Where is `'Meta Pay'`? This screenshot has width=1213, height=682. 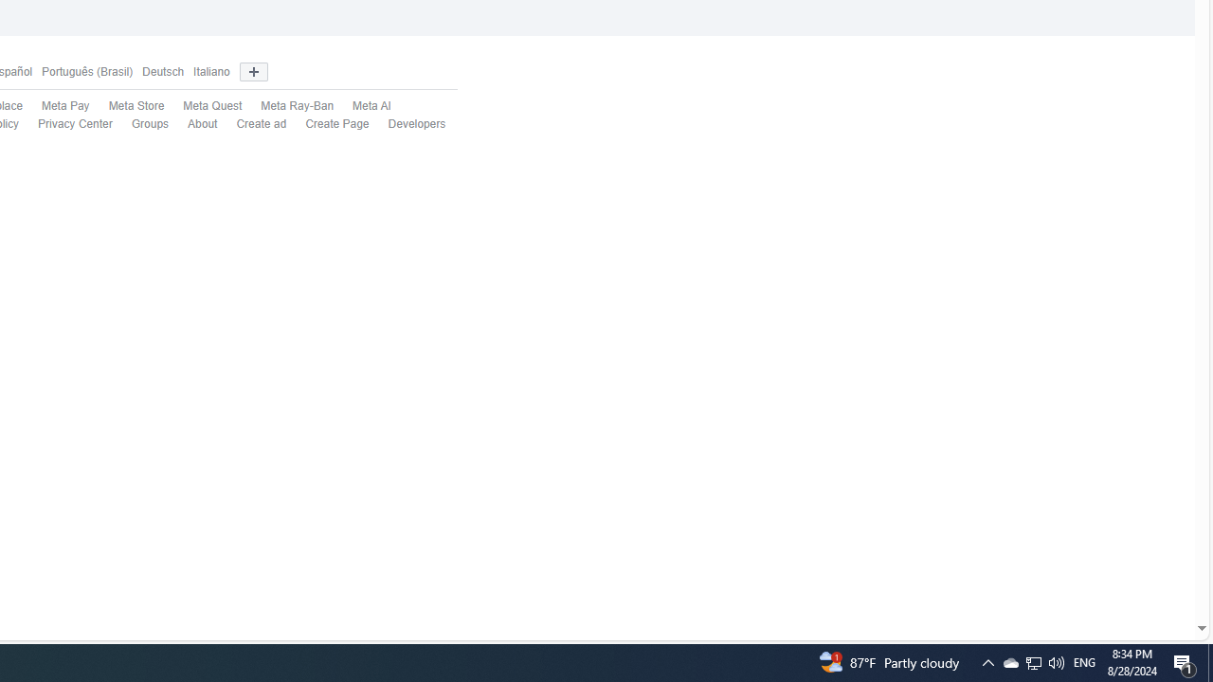 'Meta Pay' is located at coordinates (65, 106).